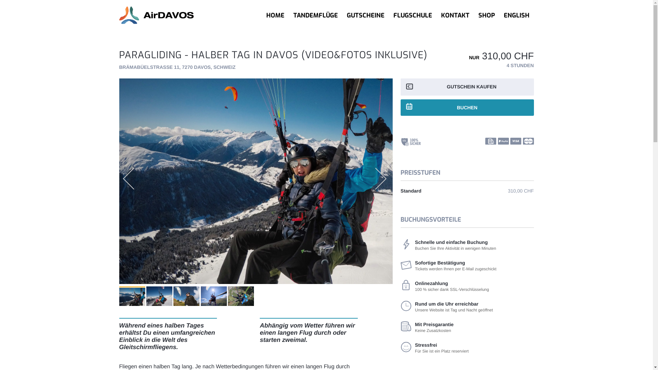 Image resolution: width=658 pixels, height=370 pixels. What do you see at coordinates (467, 107) in the screenshot?
I see `'BUCHEN'` at bounding box center [467, 107].